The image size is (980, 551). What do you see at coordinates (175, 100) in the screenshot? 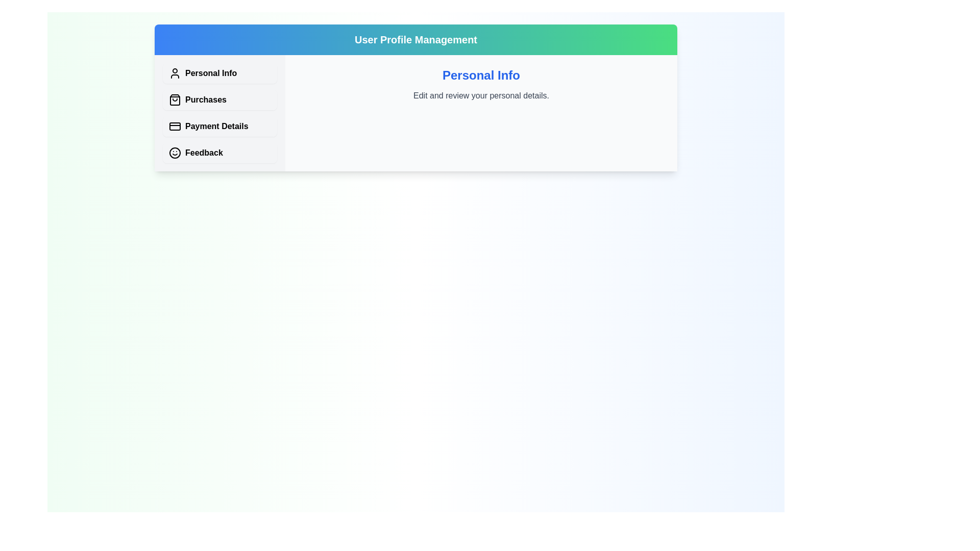
I see `the icon for the Purchases tab` at bounding box center [175, 100].